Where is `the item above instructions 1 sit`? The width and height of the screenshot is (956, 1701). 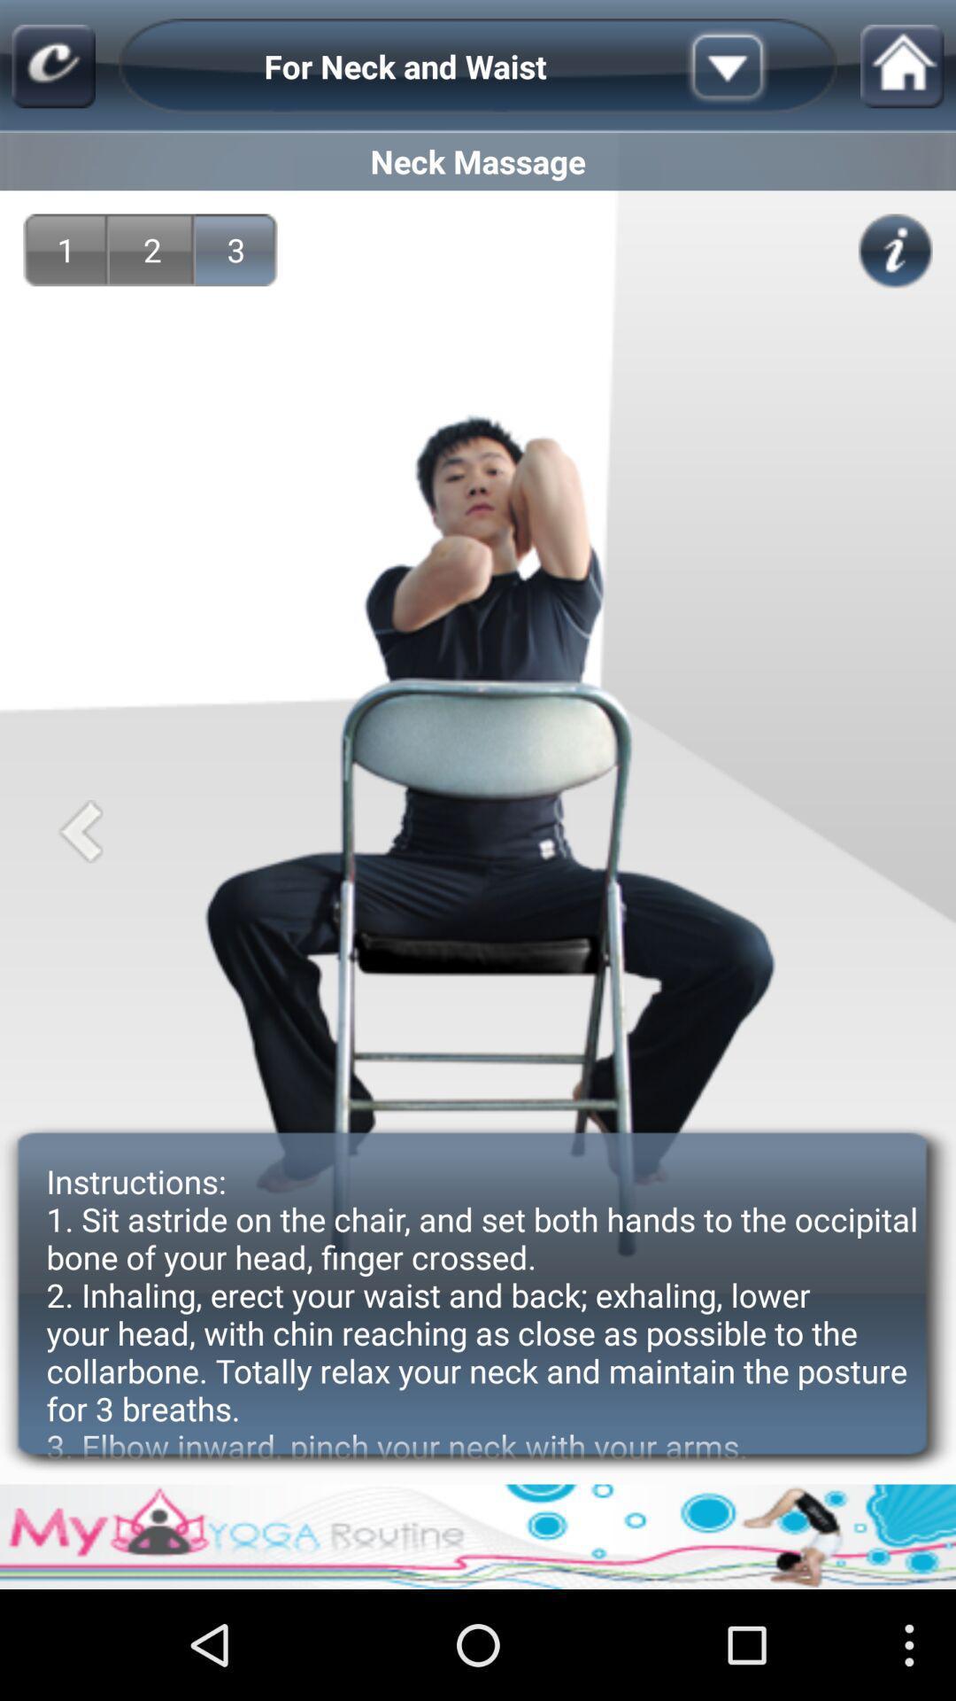
the item above instructions 1 sit is located at coordinates (235, 249).